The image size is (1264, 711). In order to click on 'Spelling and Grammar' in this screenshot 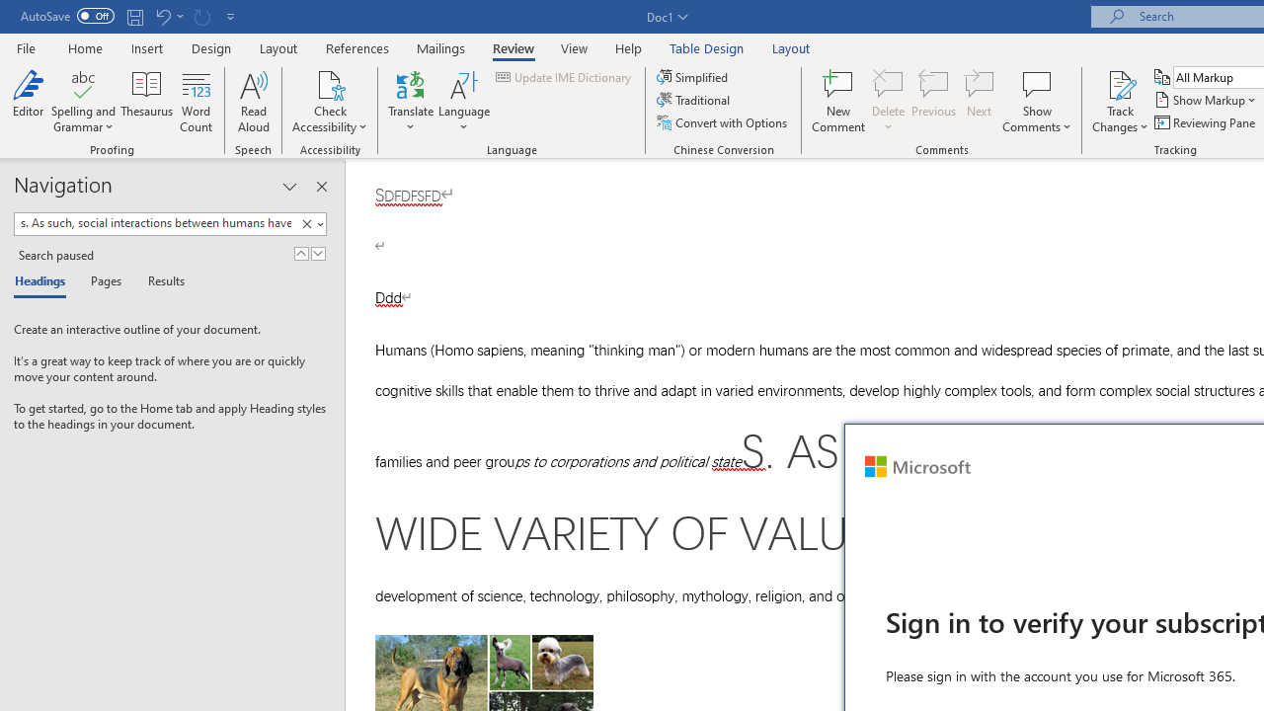, I will do `click(83, 102)`.